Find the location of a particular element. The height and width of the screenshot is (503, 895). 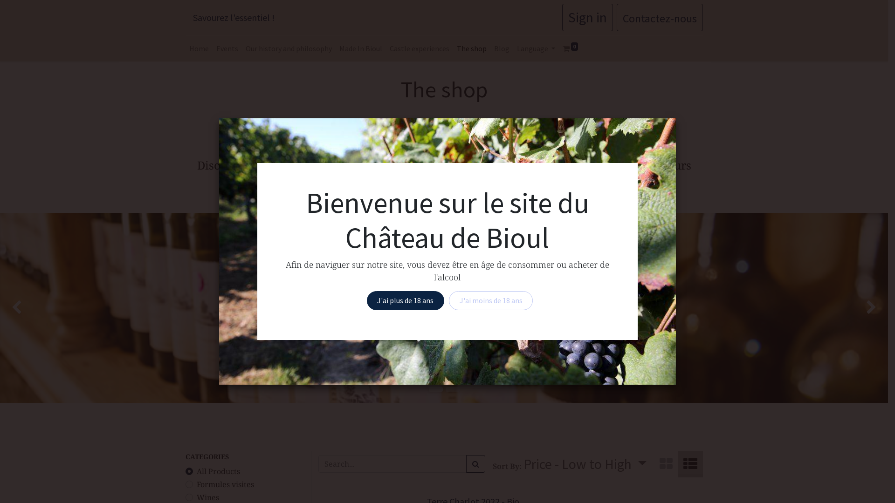

'List' is located at coordinates (678, 464).